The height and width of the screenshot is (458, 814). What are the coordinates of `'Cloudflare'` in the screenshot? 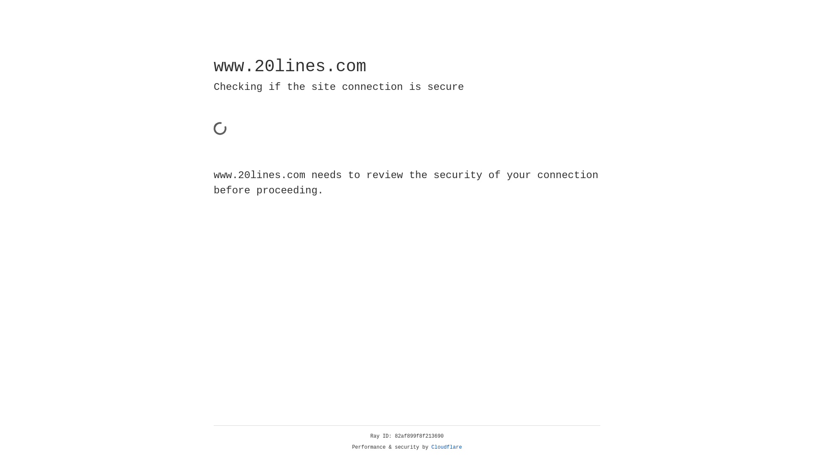 It's located at (446, 447).